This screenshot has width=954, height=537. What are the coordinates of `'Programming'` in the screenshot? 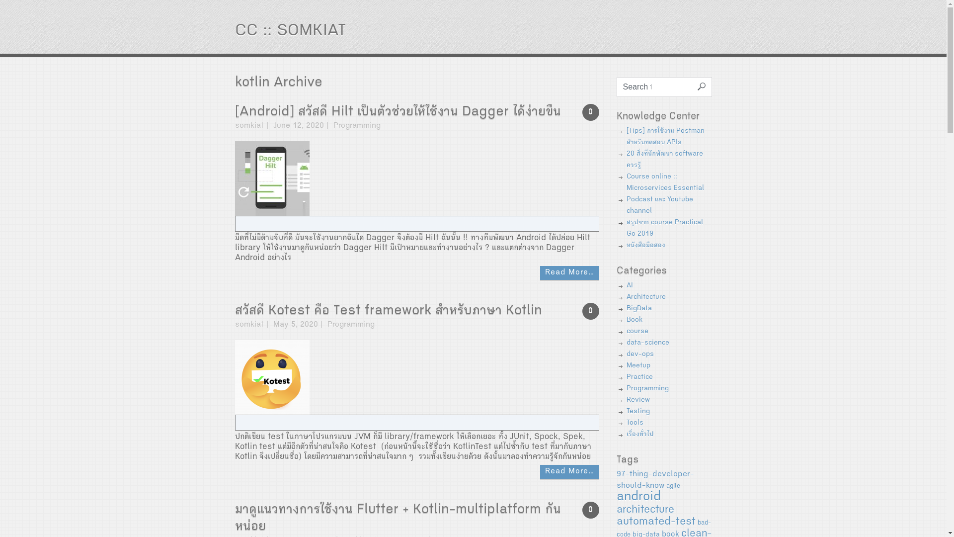 It's located at (356, 126).